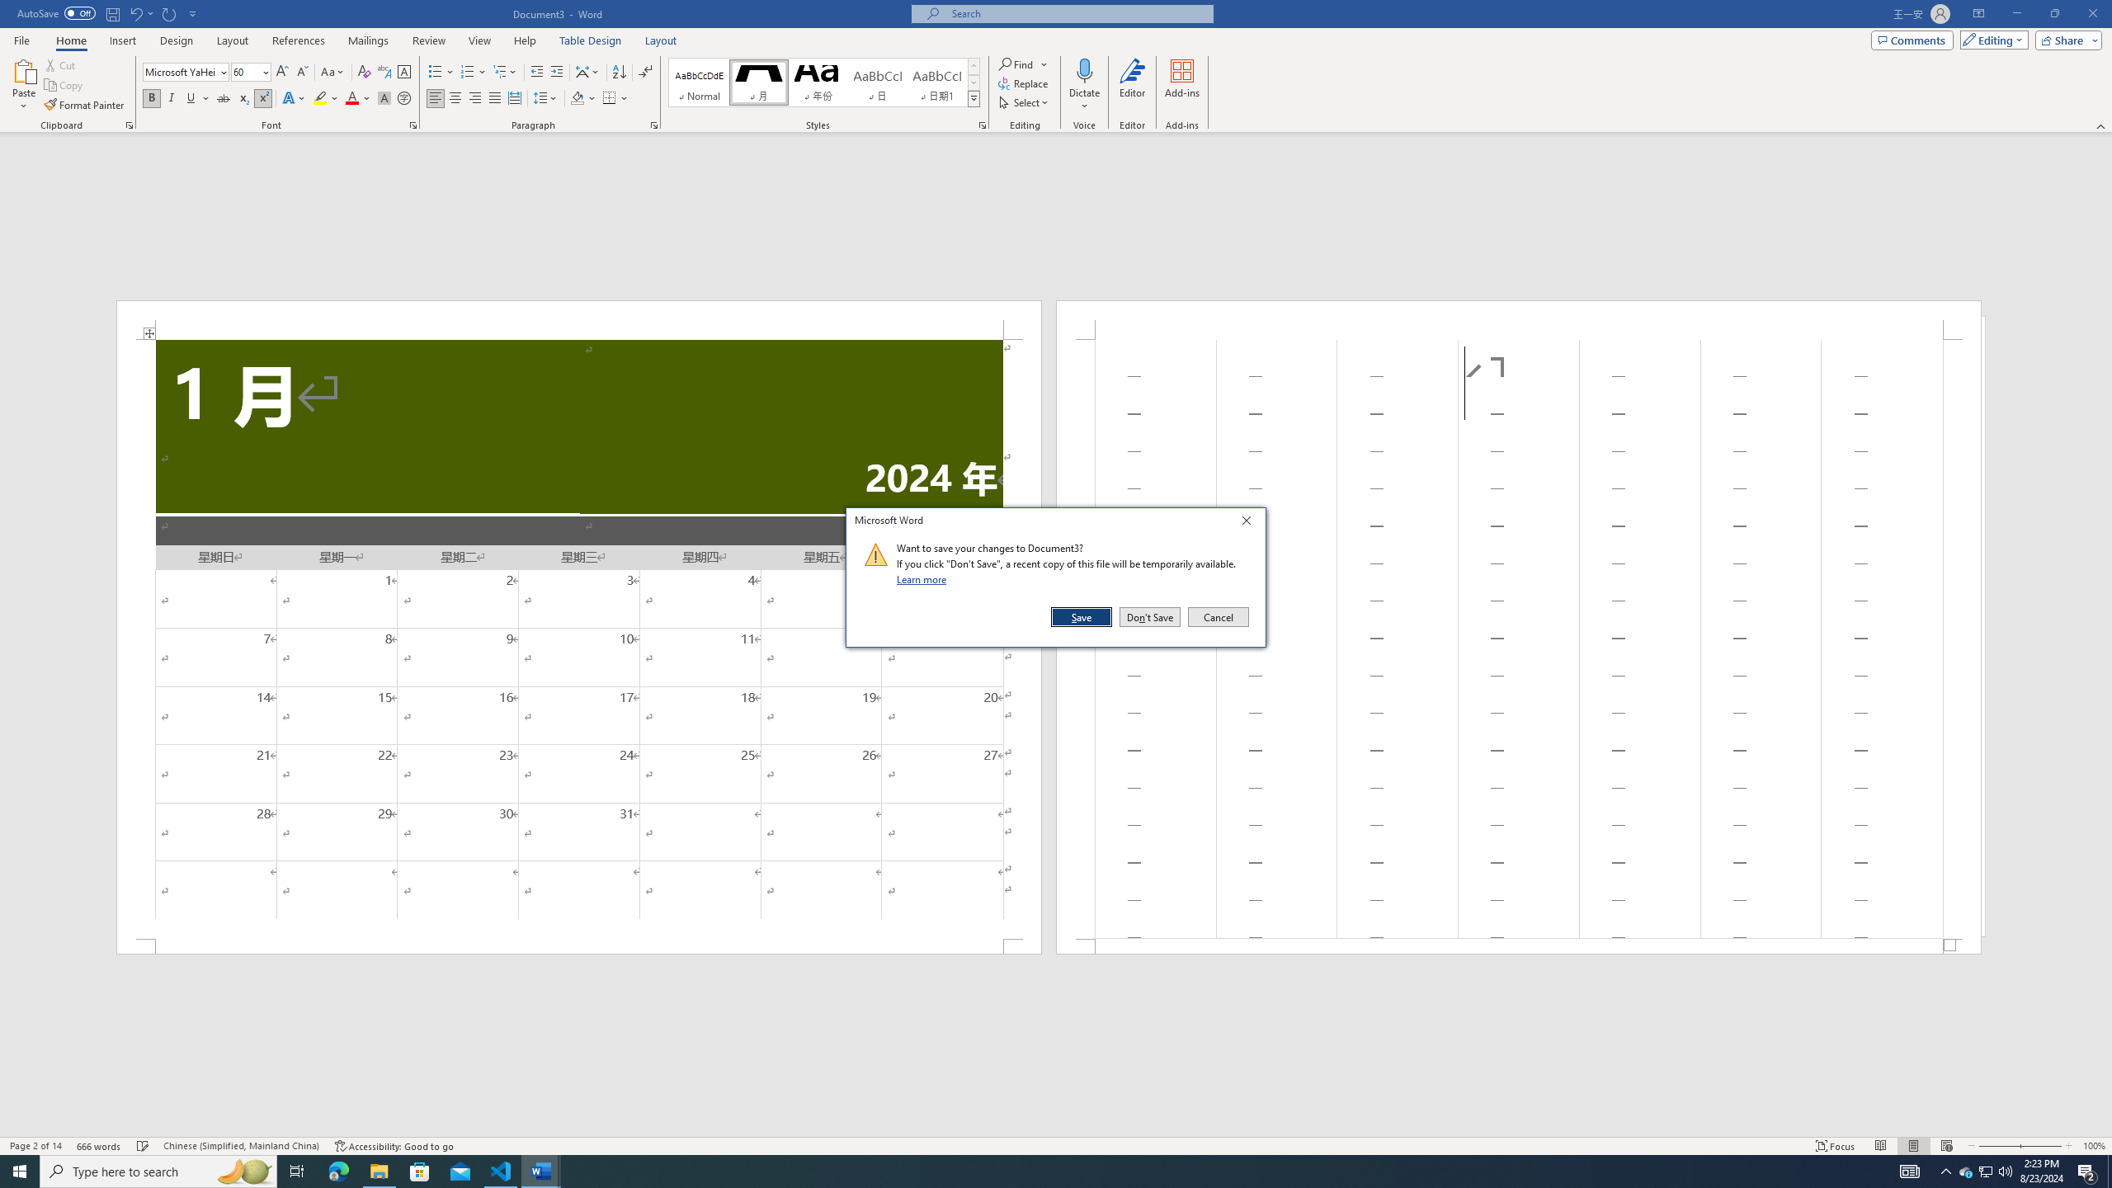 This screenshot has height=1188, width=2112. What do you see at coordinates (474, 97) in the screenshot?
I see `'Align Right'` at bounding box center [474, 97].